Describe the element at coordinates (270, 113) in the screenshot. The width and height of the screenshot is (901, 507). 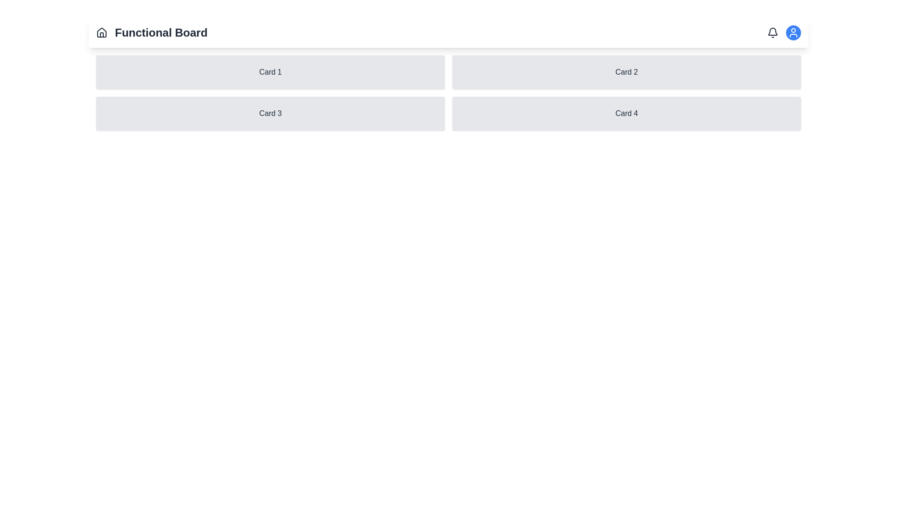
I see `the rectangular card labeled 'Card 3'` at that location.